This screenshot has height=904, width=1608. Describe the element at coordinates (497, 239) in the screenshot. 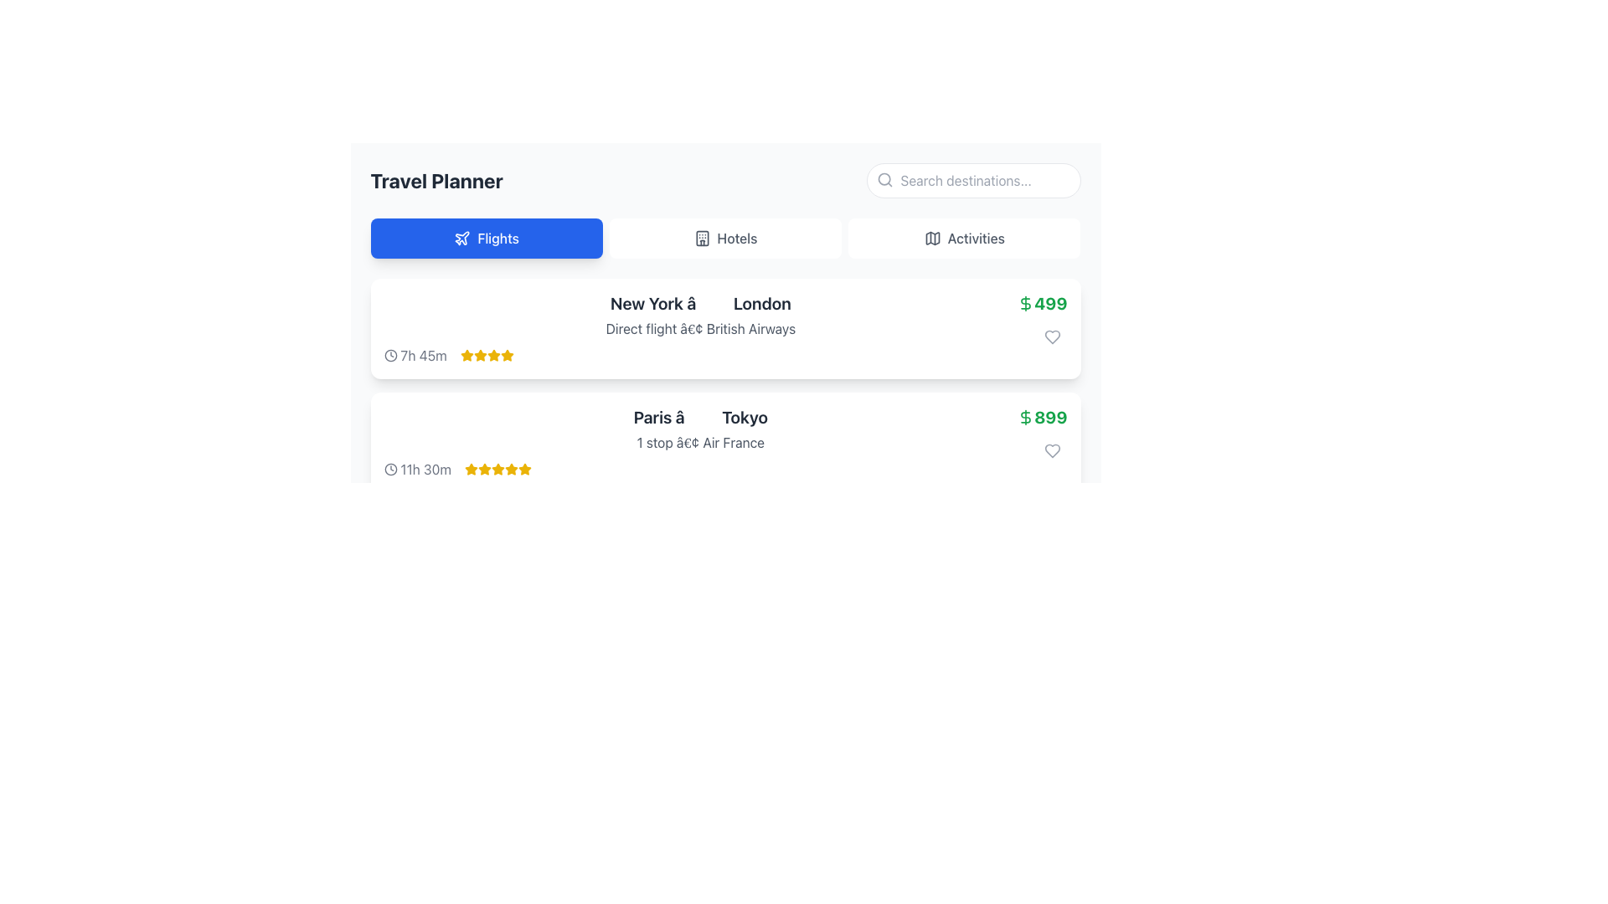

I see `the 'Flights' text label, which is displayed in white on a blue background and is the first item in the navigation bar` at that location.